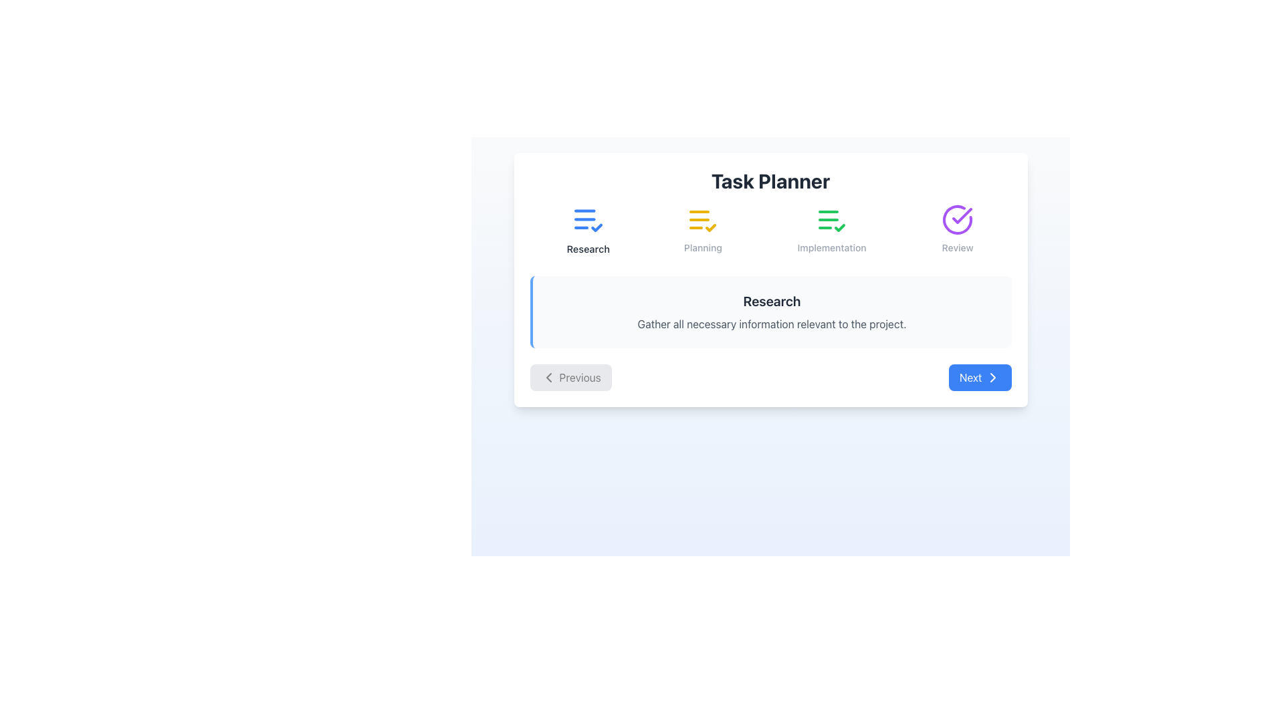 This screenshot has width=1284, height=722. I want to click on the 'Previous' navigation button by clicking on the left-pointing chevron icon, which visually indicates the direction of the navigation action, so click(548, 377).